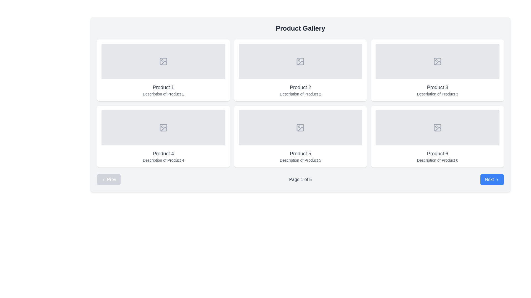 The width and height of the screenshot is (531, 298). Describe the element at coordinates (163, 62) in the screenshot. I see `the pictorial icon representing an image, which is located inside the card labeled 'Product 1' in the first row of the grid layout` at that location.